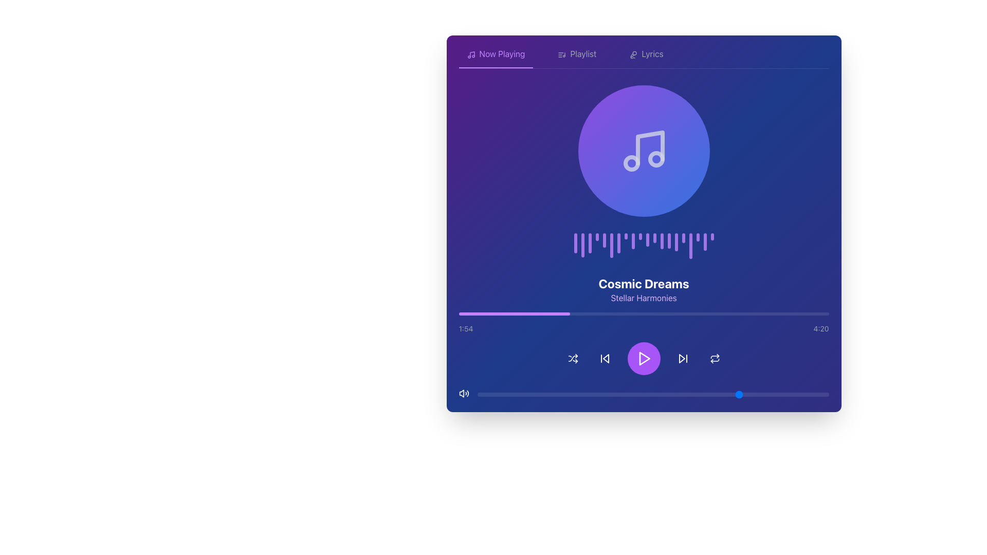  I want to click on the 'play' icon located at the center of the circular button in the media player control bar, so click(644, 358).